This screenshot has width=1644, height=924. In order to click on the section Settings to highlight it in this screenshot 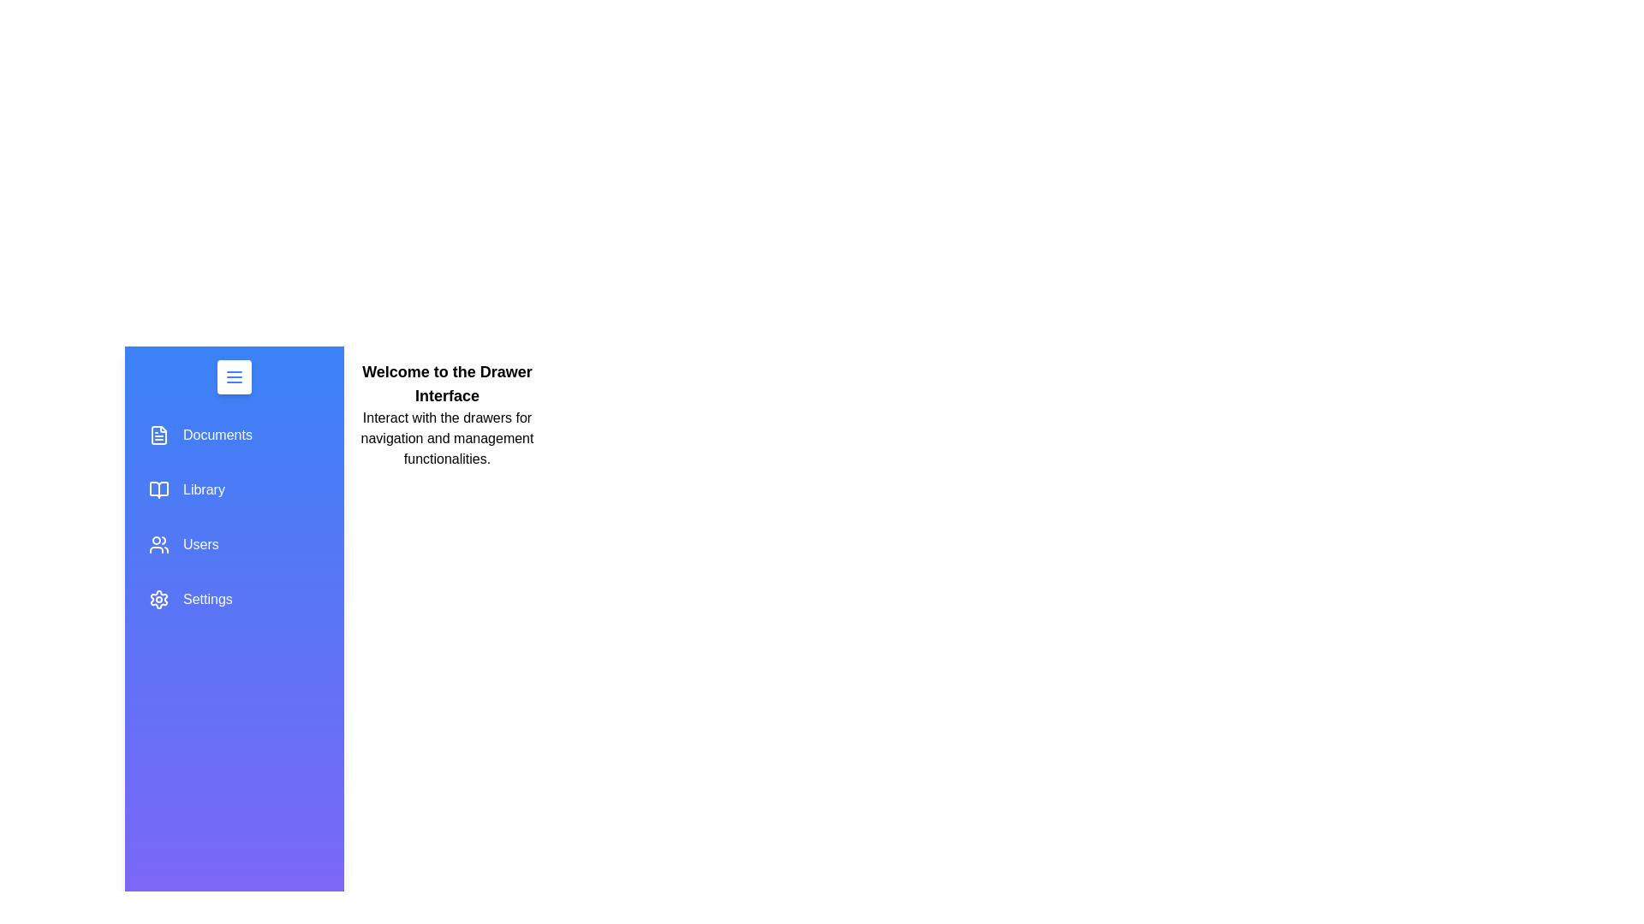, I will do `click(233, 599)`.